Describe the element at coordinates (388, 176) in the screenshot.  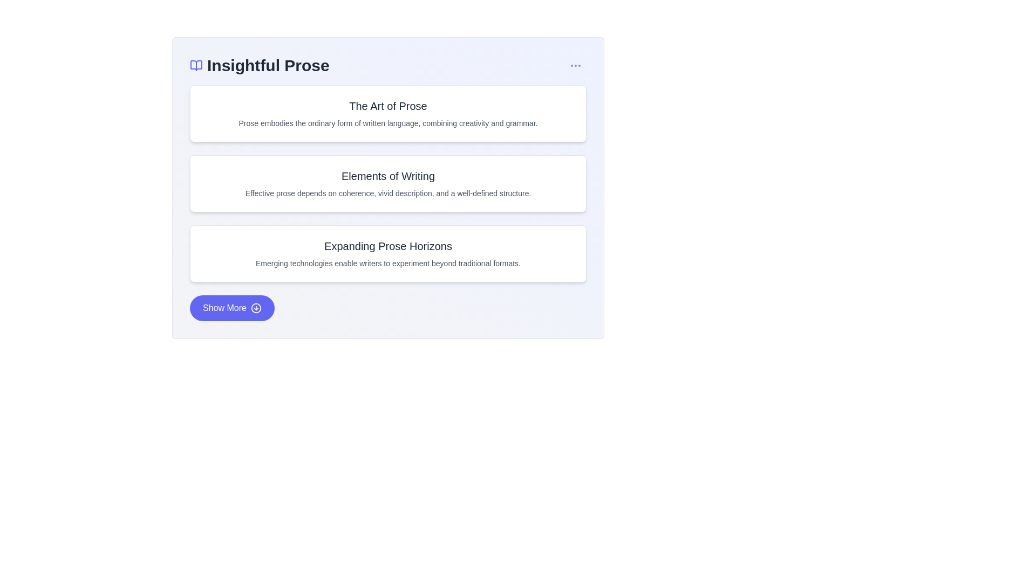
I see `the heading text labeled 'Elements of Writing' which is styled with large, bold text and positioned at the top of the second card in a vertically aligned list of three cards` at that location.